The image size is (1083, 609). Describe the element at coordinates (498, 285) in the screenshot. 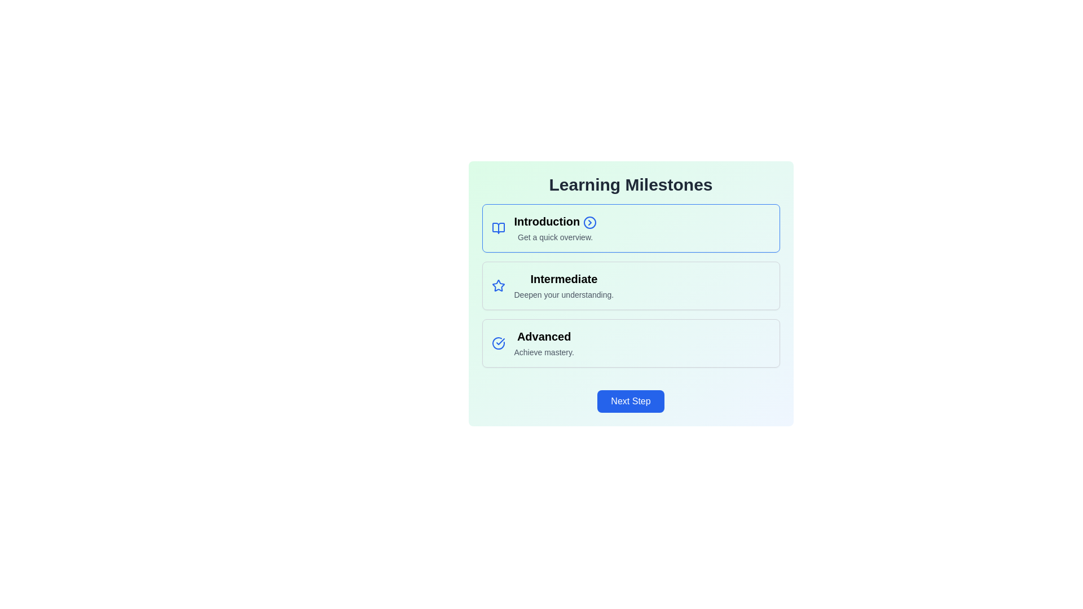

I see `the star-shaped icon with a blue outline located in the 'Learning Milestones' section, specifically in the second row of the 'Intermediate' milestone` at that location.